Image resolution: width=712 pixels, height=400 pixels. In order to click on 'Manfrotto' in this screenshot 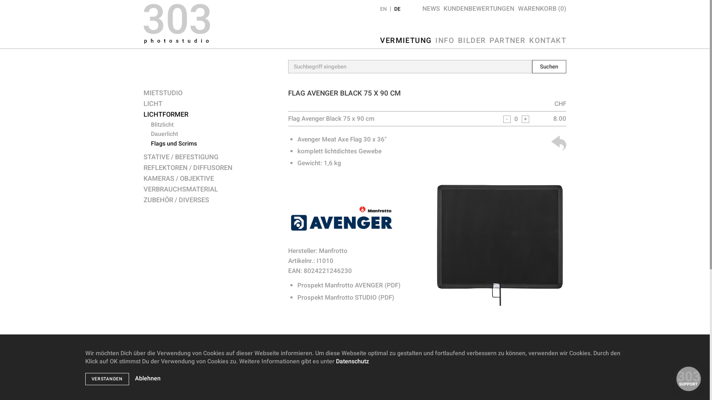, I will do `click(333, 250)`.